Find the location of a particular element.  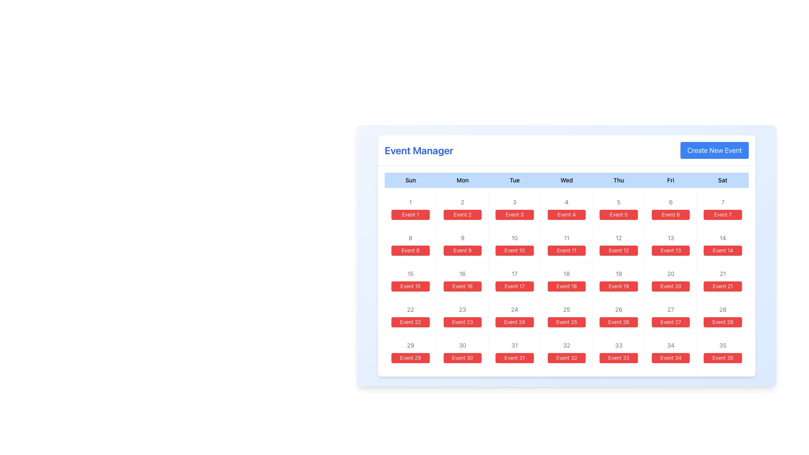

the card displaying 'Event 19' located in the fifth column of the third row under the column labeled 'Thu', which features a smaller '19' at the top in gray and a larger red button-like label below it is located at coordinates (619, 281).